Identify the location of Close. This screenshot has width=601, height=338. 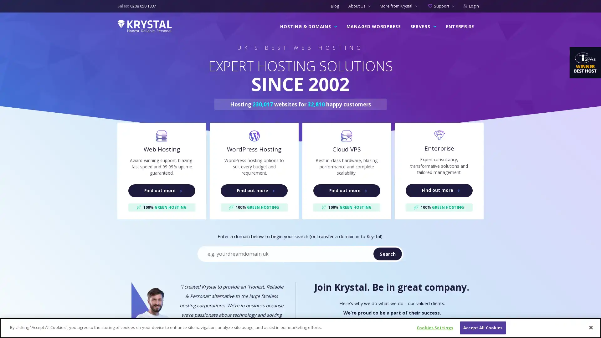
(590, 327).